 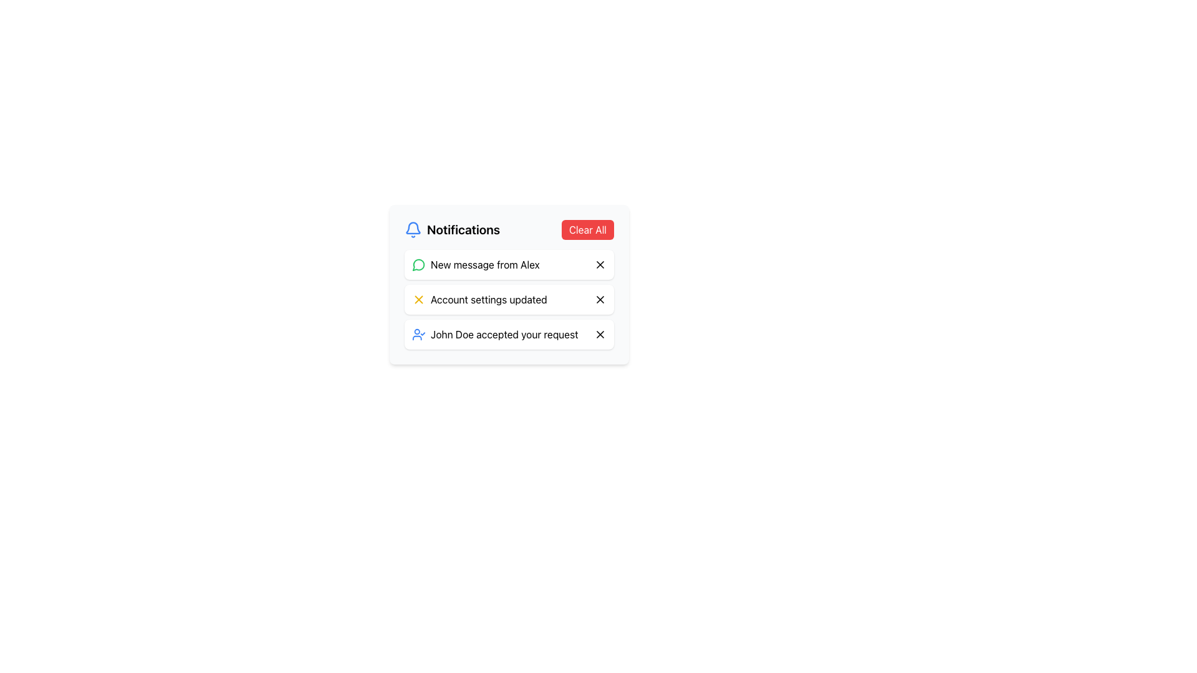 I want to click on the second notification card displaying the message 'Account settings updated' in the Notifications panel, so click(x=509, y=284).